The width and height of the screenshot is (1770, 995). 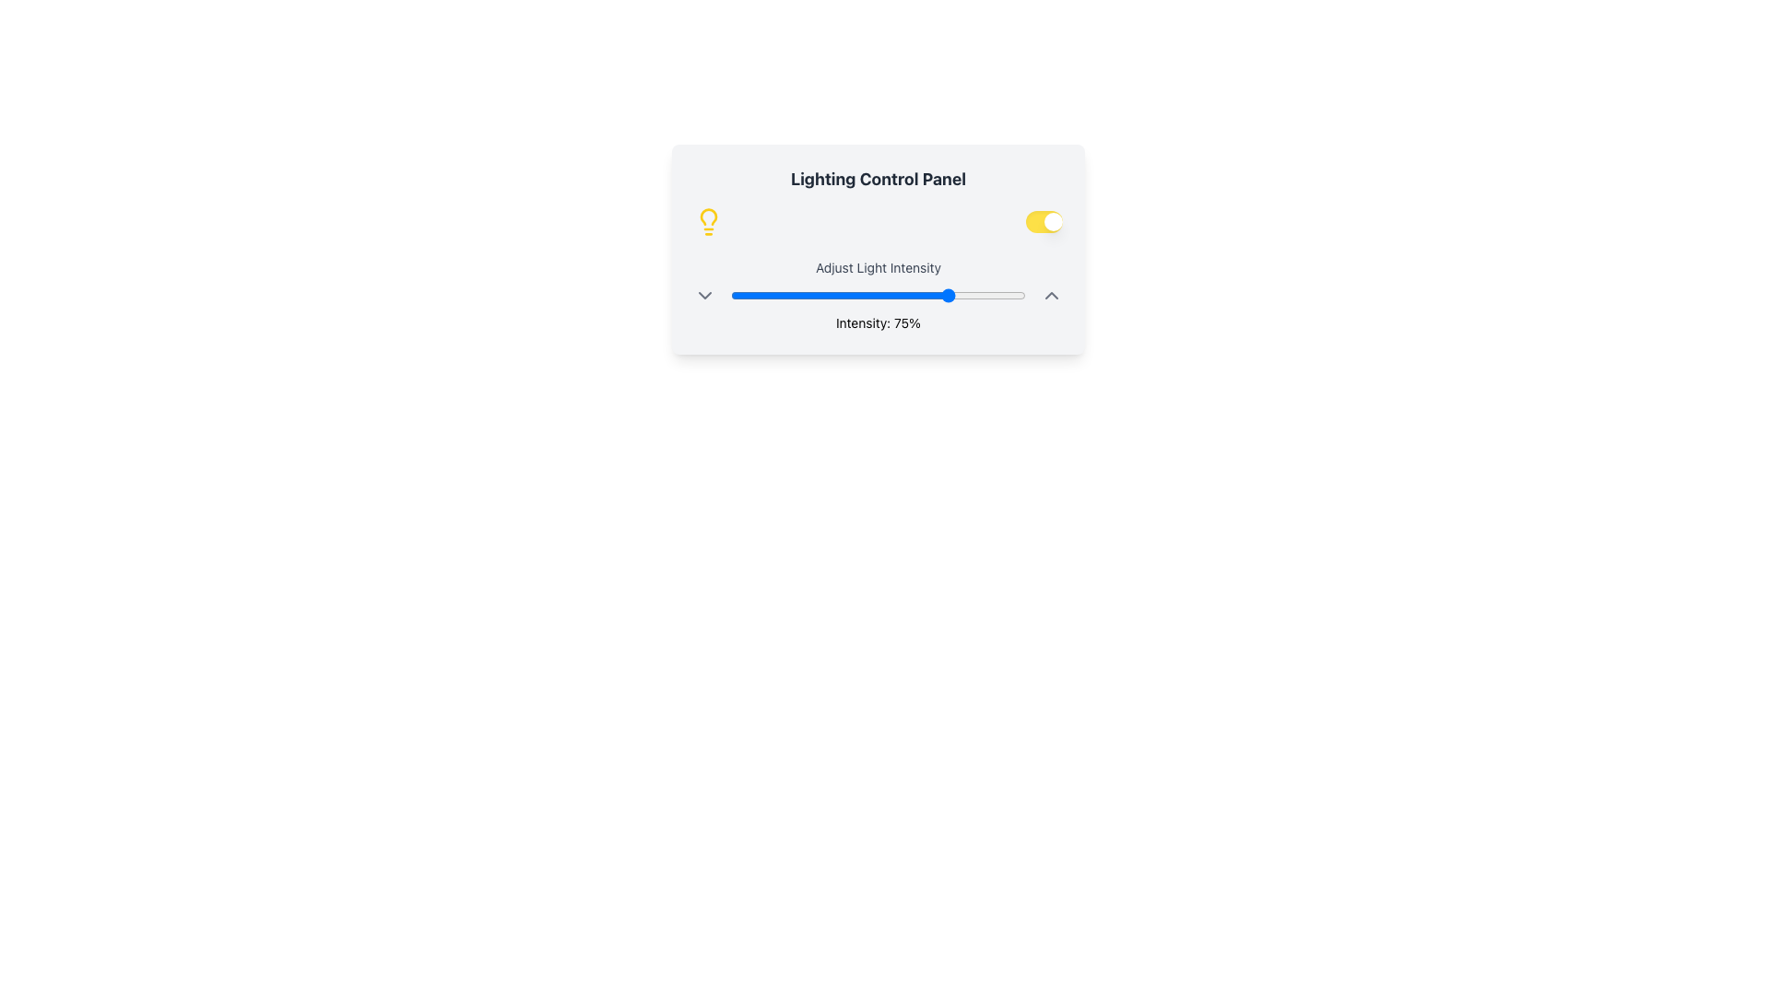 What do you see at coordinates (854, 294) in the screenshot?
I see `light intensity` at bounding box center [854, 294].